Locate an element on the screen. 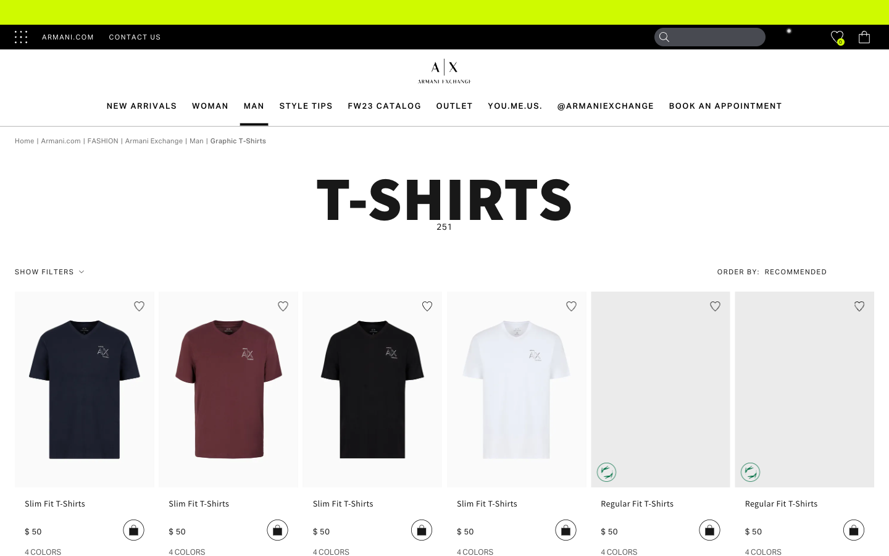 The height and width of the screenshot is (556, 889). Go to the "outlet" tab by clicking on its menu item at the top is located at coordinates (454, 106).